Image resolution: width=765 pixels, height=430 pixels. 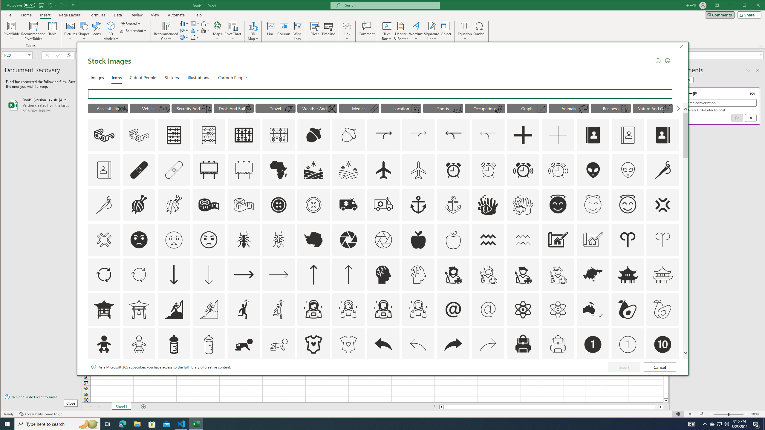 I want to click on 'AutomationID: Icons_At', so click(x=453, y=309).